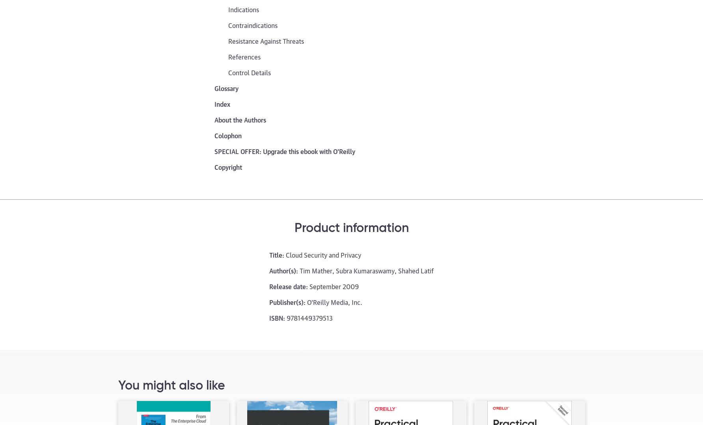 The height and width of the screenshot is (425, 703). Describe the element at coordinates (285, 254) in the screenshot. I see `'Cloud Security and Privacy'` at that location.